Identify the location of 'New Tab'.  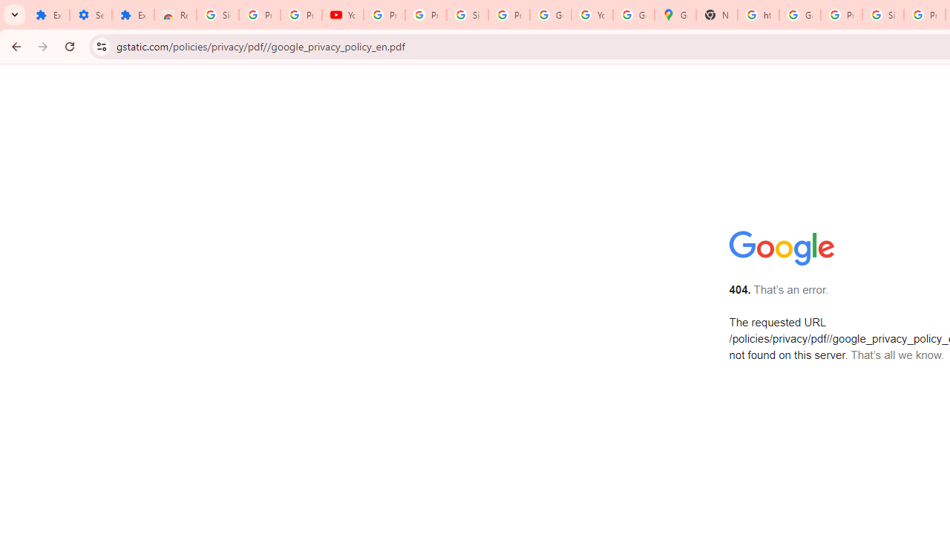
(717, 15).